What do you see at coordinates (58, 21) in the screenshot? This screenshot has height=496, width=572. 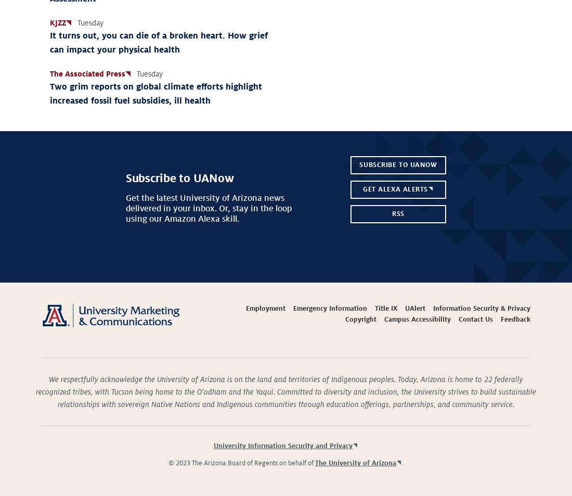 I see `'KJZZ'` at bounding box center [58, 21].